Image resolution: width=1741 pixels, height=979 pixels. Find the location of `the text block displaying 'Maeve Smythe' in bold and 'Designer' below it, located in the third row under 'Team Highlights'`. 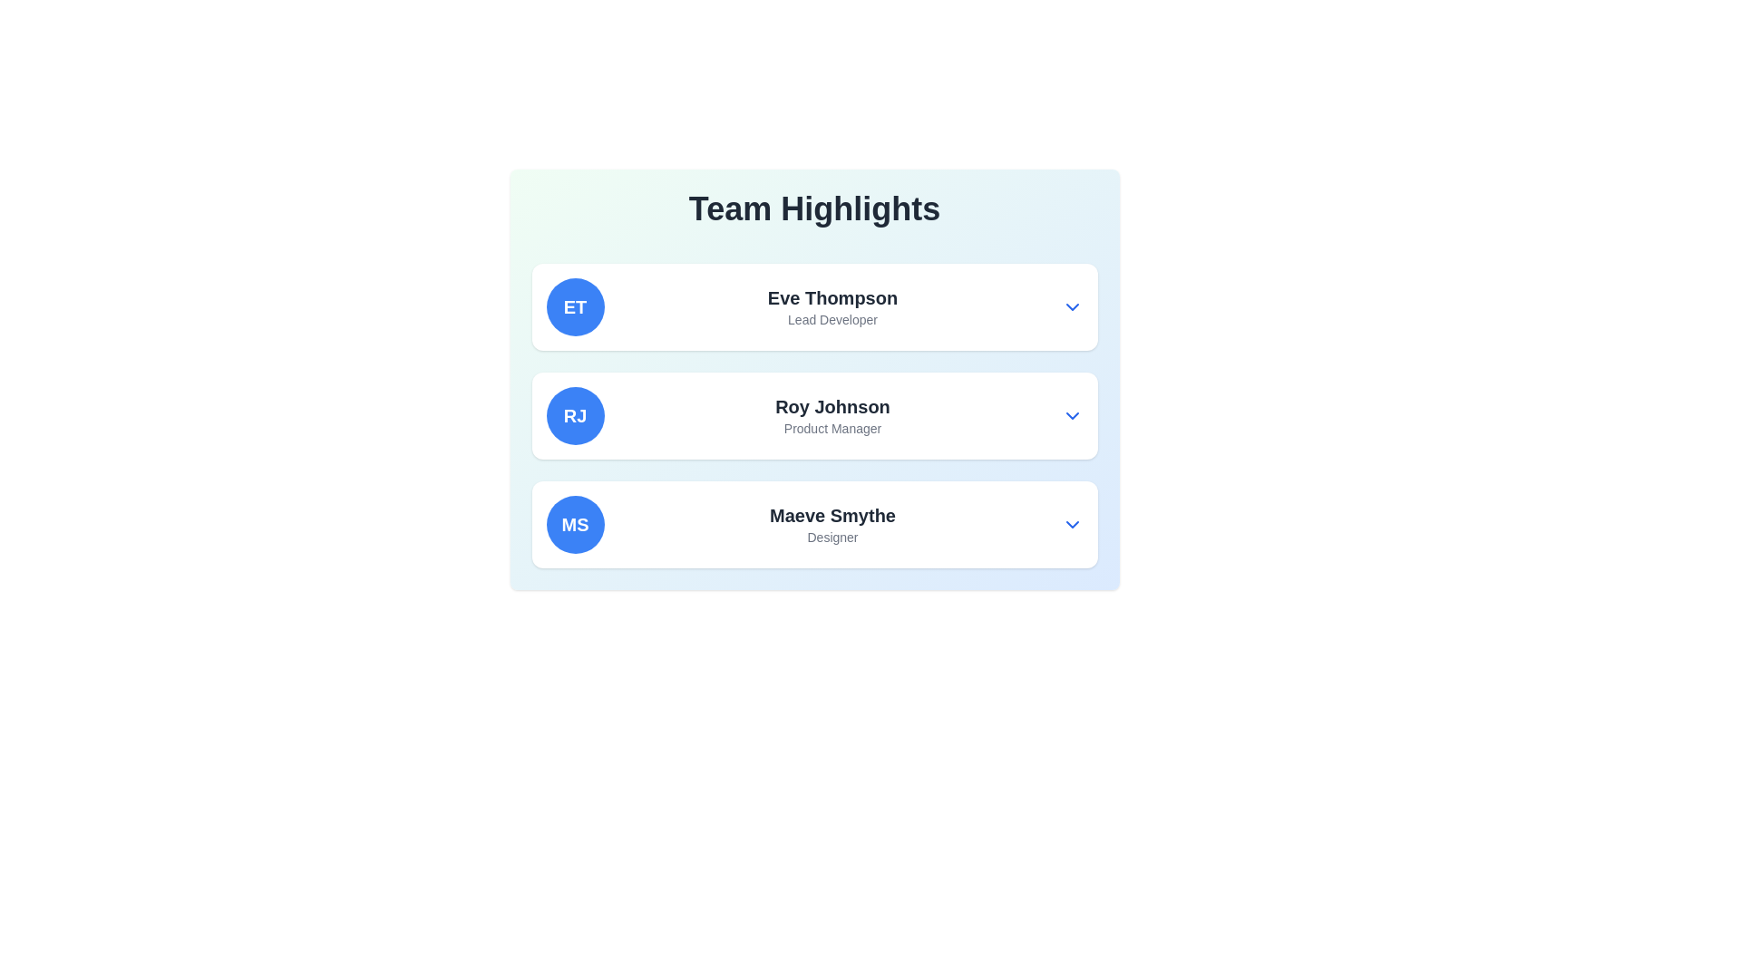

the text block displaying 'Maeve Smythe' in bold and 'Designer' below it, located in the third row under 'Team Highlights' is located at coordinates (832, 524).